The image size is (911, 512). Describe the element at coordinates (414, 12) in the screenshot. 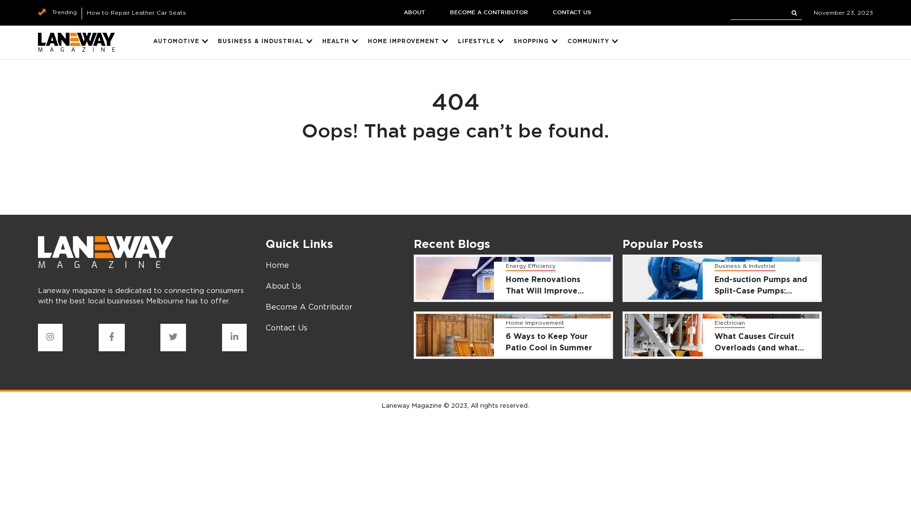

I see `'ABOUT'` at that location.